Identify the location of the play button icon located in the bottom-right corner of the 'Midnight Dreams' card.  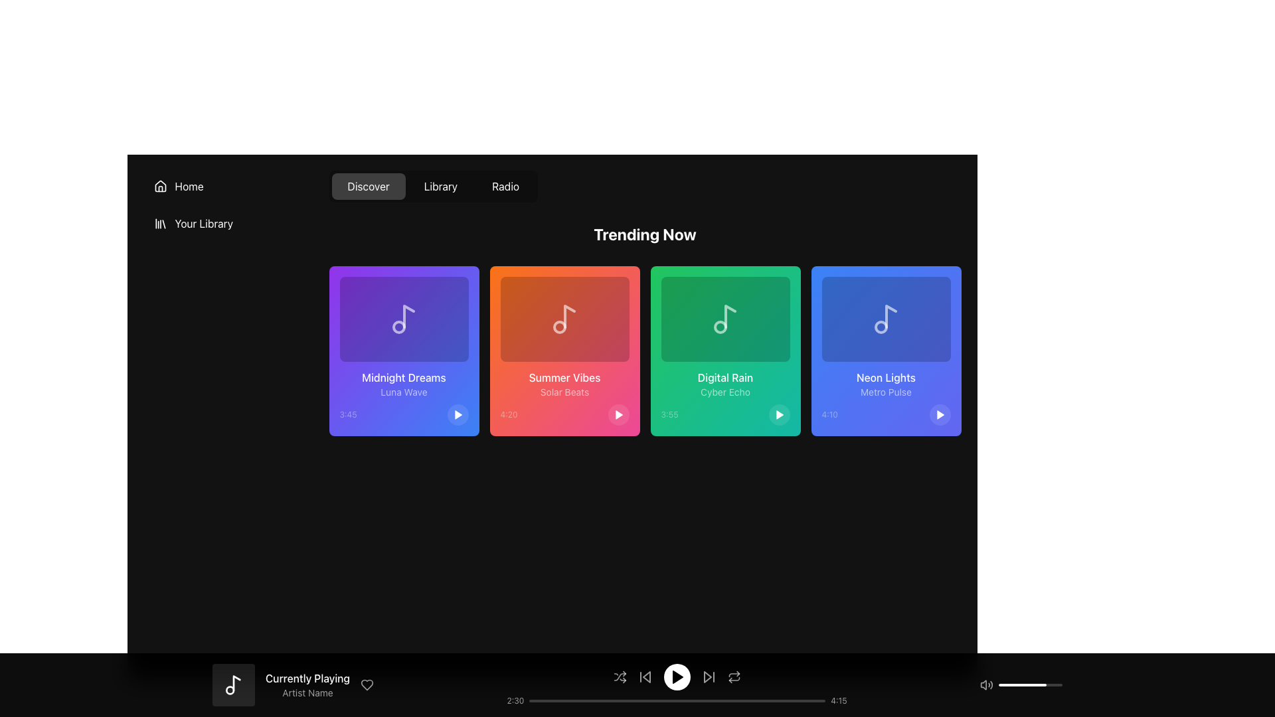
(458, 414).